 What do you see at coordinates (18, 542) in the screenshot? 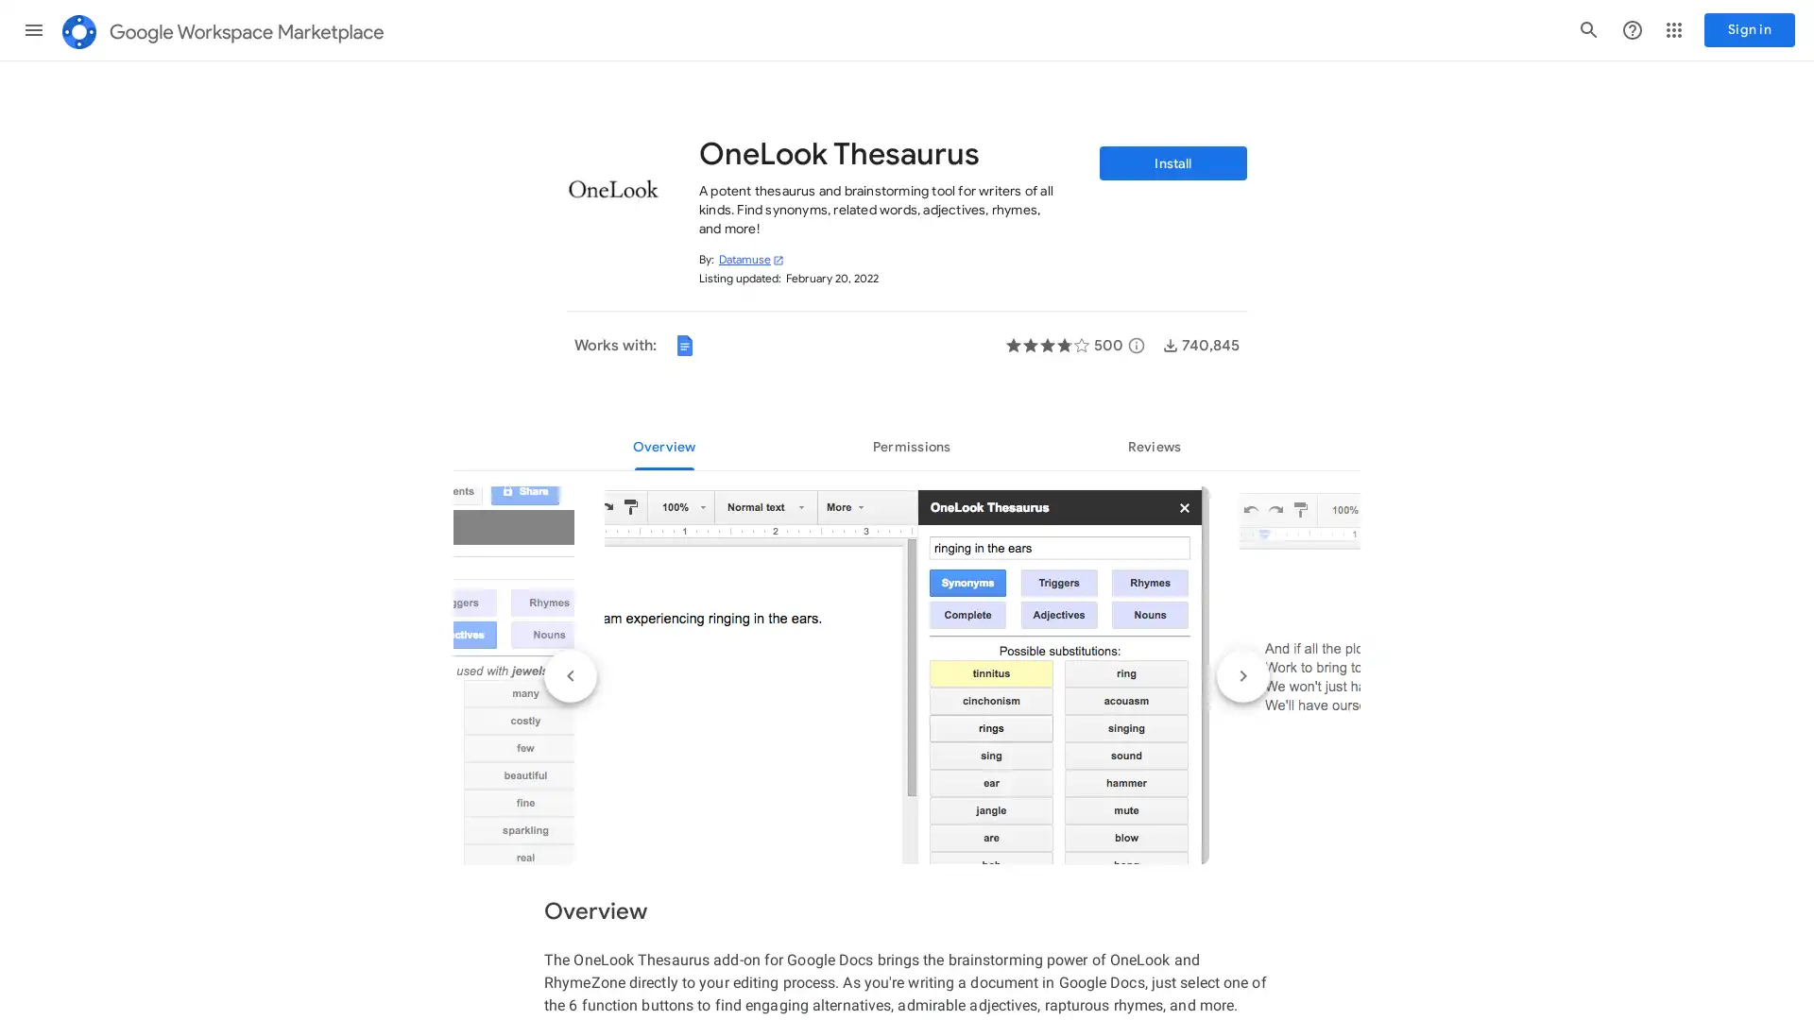
I see `Works with Google products` at bounding box center [18, 542].